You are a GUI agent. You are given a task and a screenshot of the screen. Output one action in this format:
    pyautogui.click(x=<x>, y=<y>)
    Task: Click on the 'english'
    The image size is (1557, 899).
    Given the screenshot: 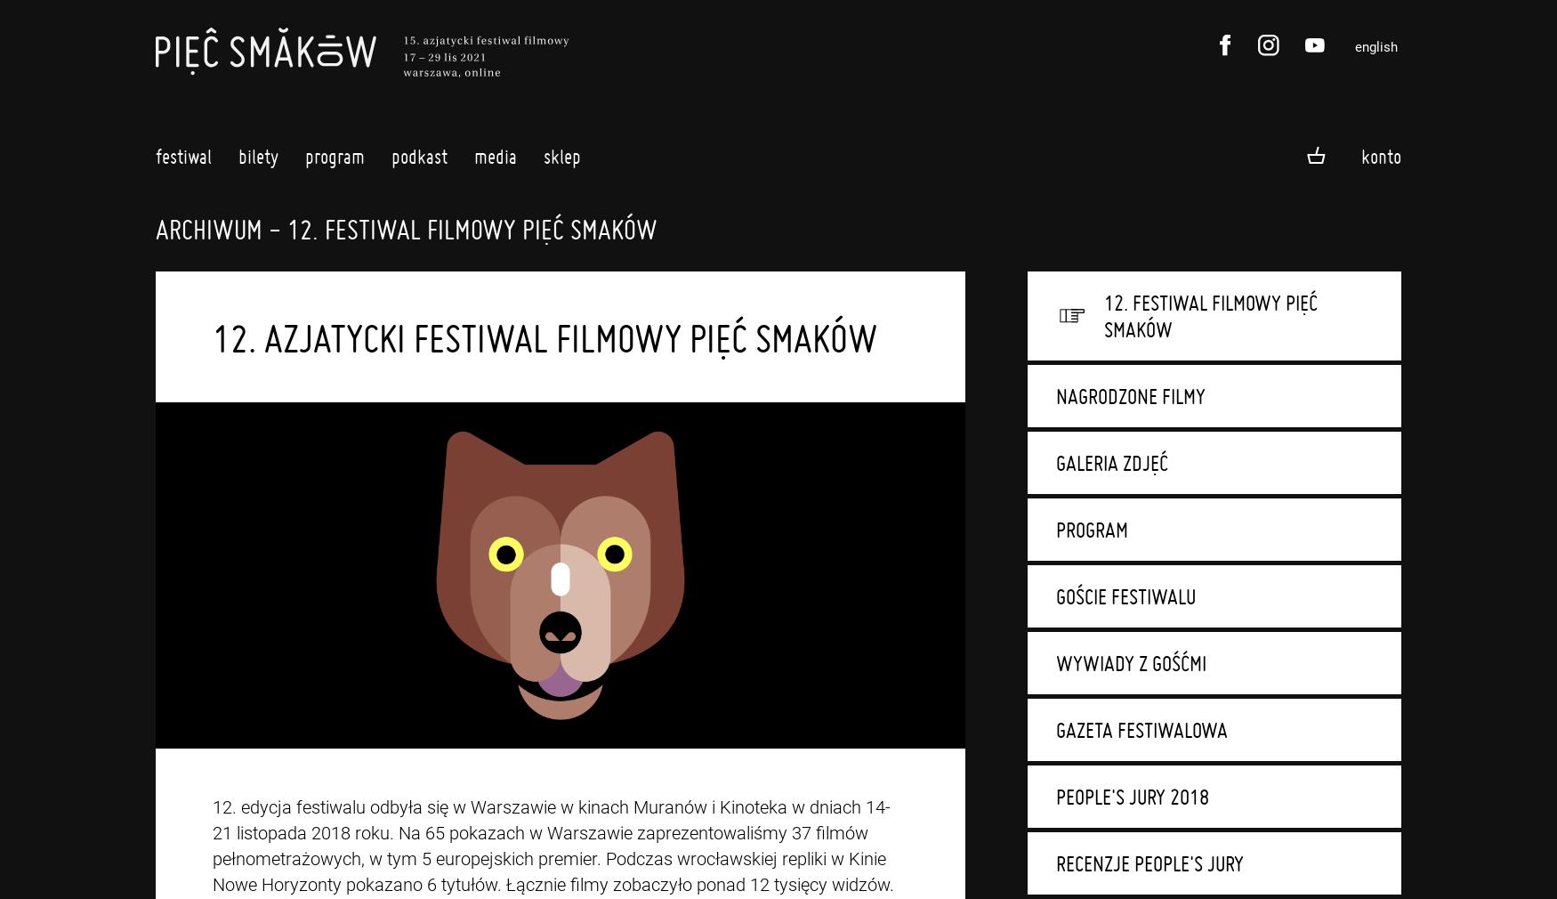 What is the action you would take?
    pyautogui.click(x=1375, y=45)
    